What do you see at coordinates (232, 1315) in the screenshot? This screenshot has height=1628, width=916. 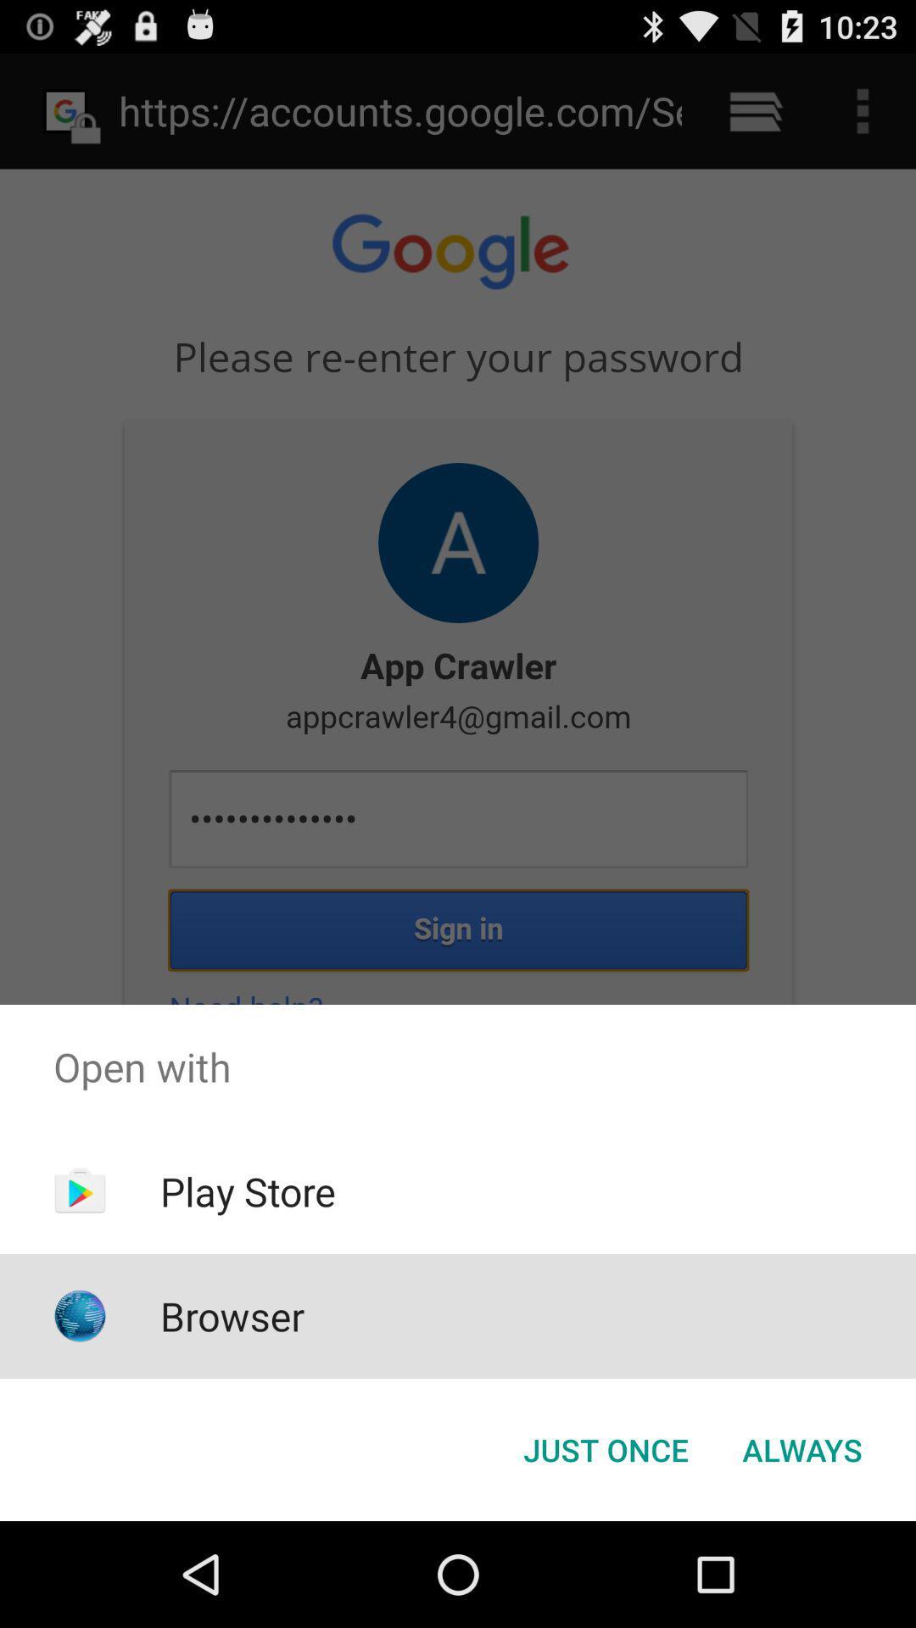 I see `the browser` at bounding box center [232, 1315].